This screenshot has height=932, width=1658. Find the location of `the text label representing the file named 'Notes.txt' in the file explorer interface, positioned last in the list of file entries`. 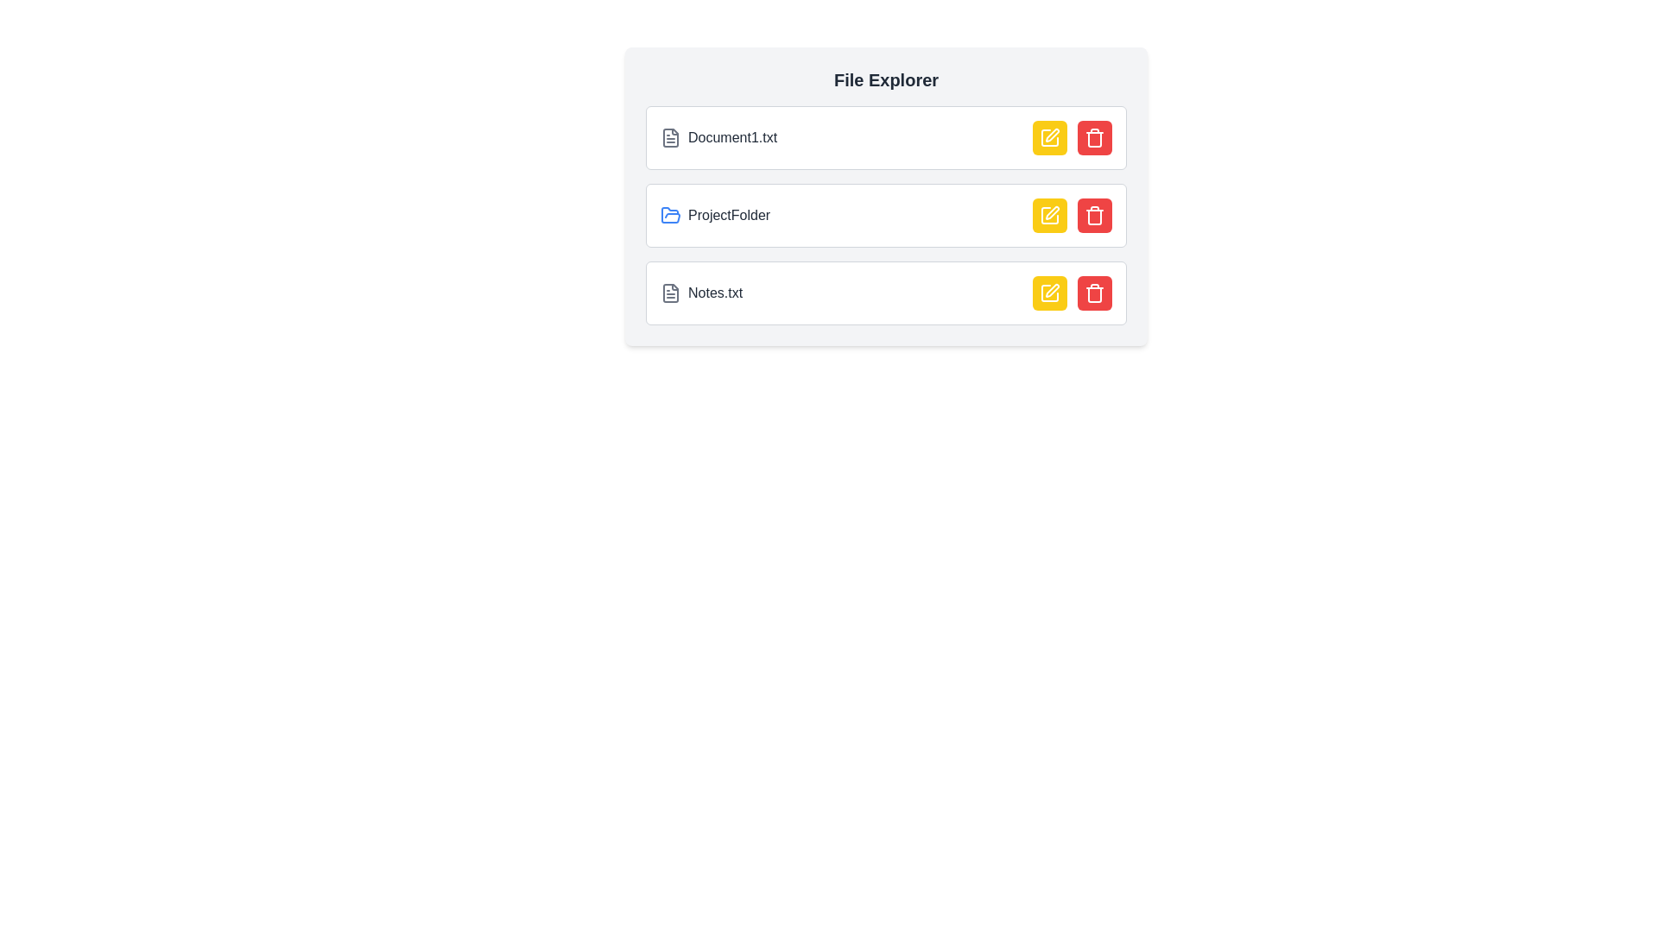

the text label representing the file named 'Notes.txt' in the file explorer interface, positioned last in the list of file entries is located at coordinates (715, 292).